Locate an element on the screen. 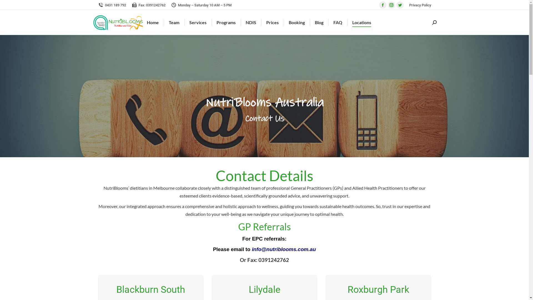 The image size is (533, 300). 'Go!' is located at coordinates (9, 6).